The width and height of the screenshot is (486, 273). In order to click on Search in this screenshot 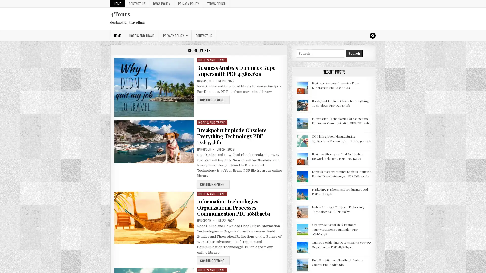, I will do `click(354, 53)`.